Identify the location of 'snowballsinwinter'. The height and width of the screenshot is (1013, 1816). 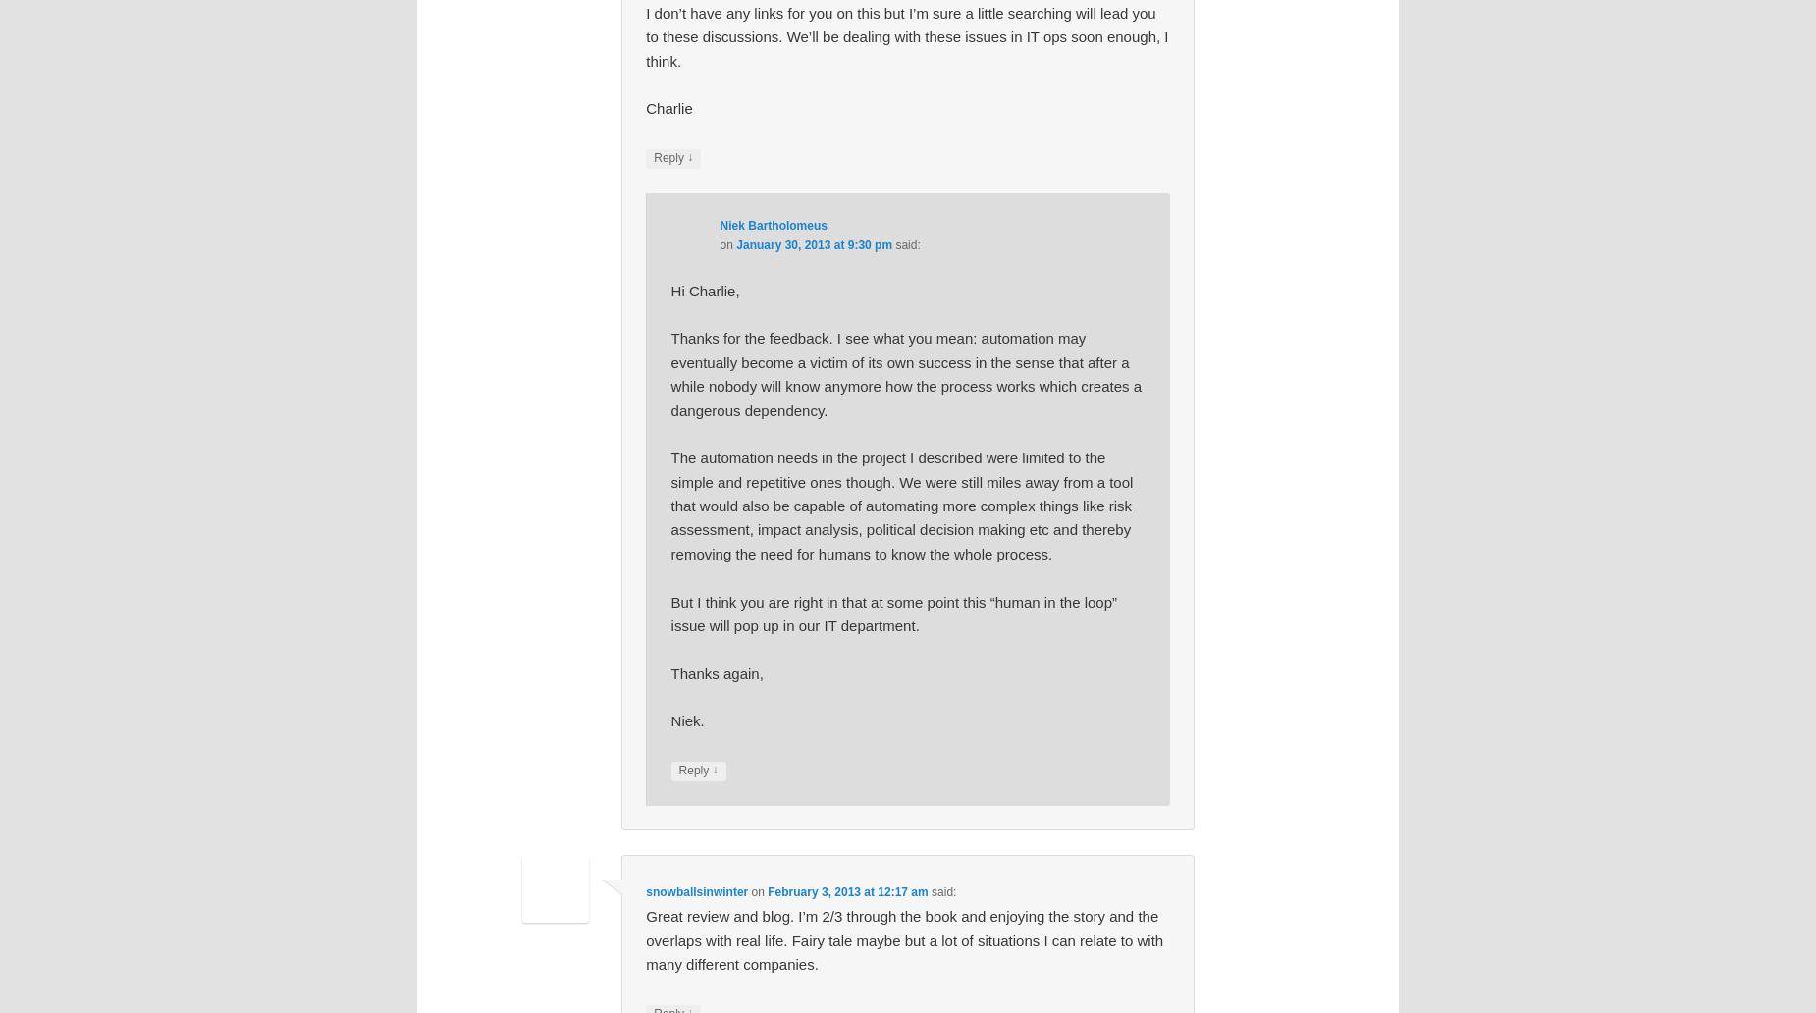
(646, 890).